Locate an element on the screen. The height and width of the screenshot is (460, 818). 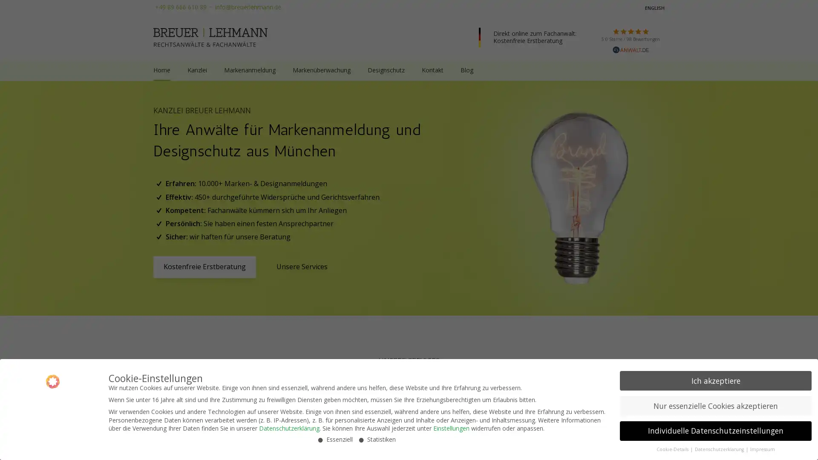
Individuelle Datenschutzeinstellungen is located at coordinates (716, 431).